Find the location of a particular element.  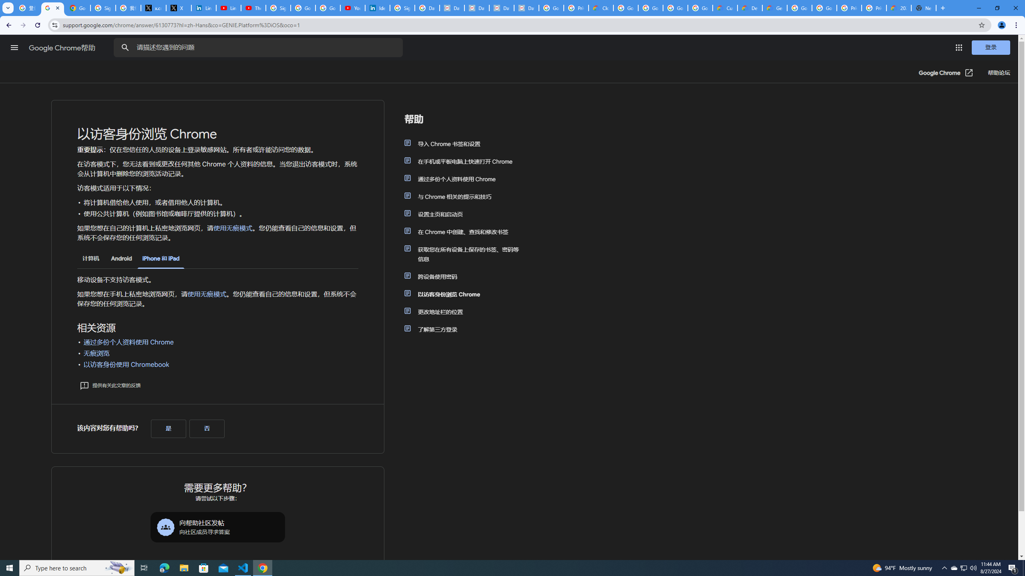

'Customer Care | Google Cloud' is located at coordinates (725, 8).